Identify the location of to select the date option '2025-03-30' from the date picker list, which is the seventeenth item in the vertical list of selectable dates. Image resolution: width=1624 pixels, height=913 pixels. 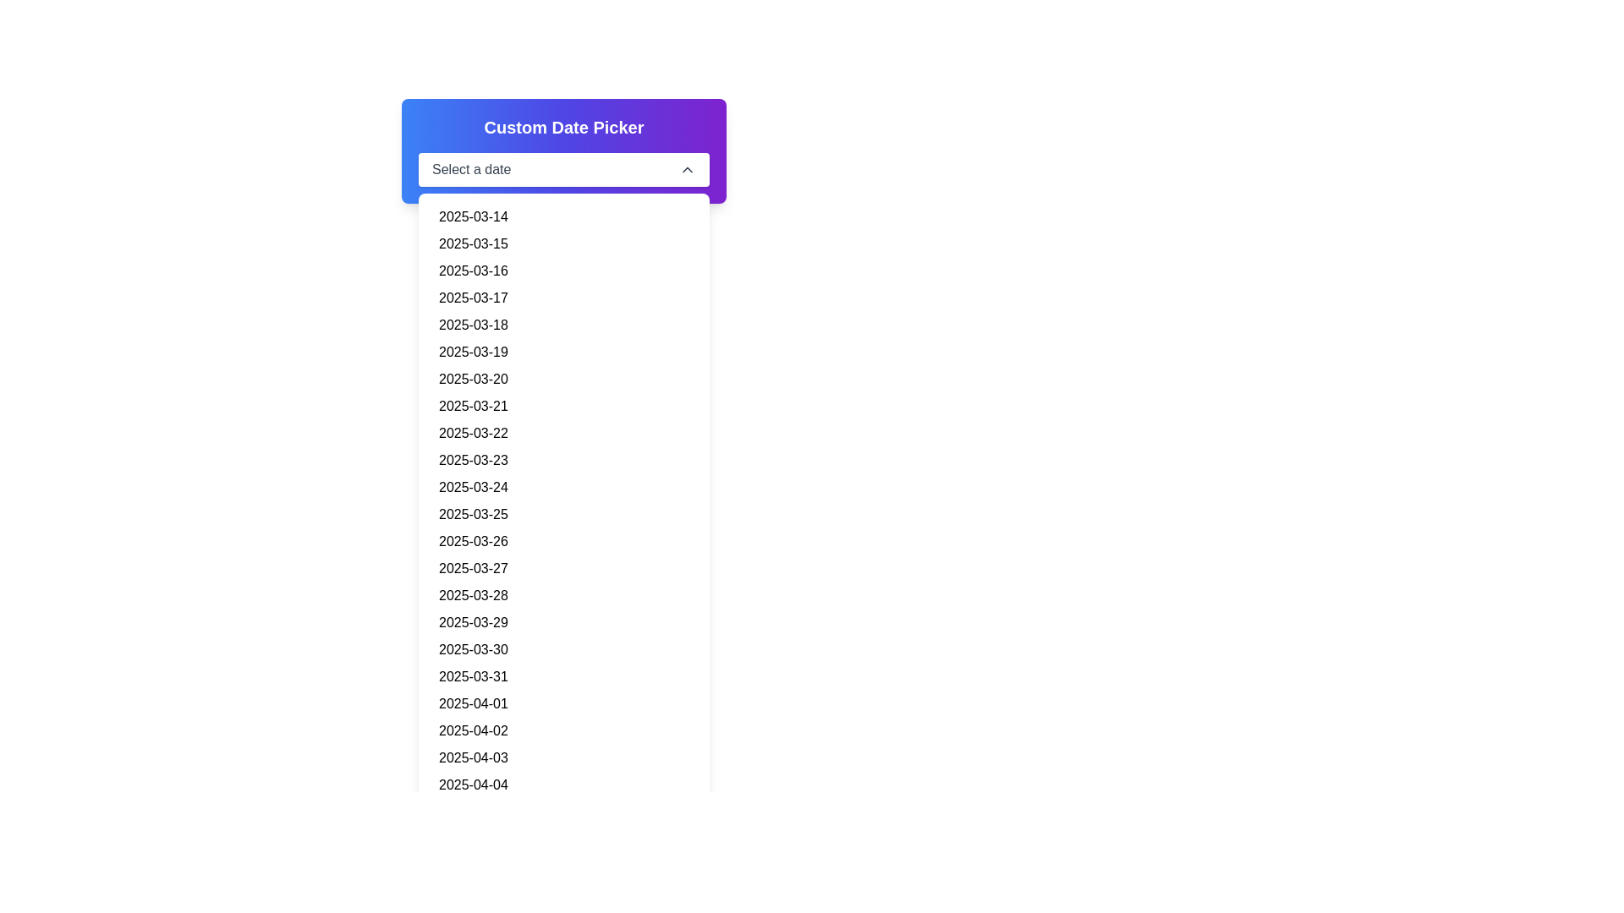
(564, 648).